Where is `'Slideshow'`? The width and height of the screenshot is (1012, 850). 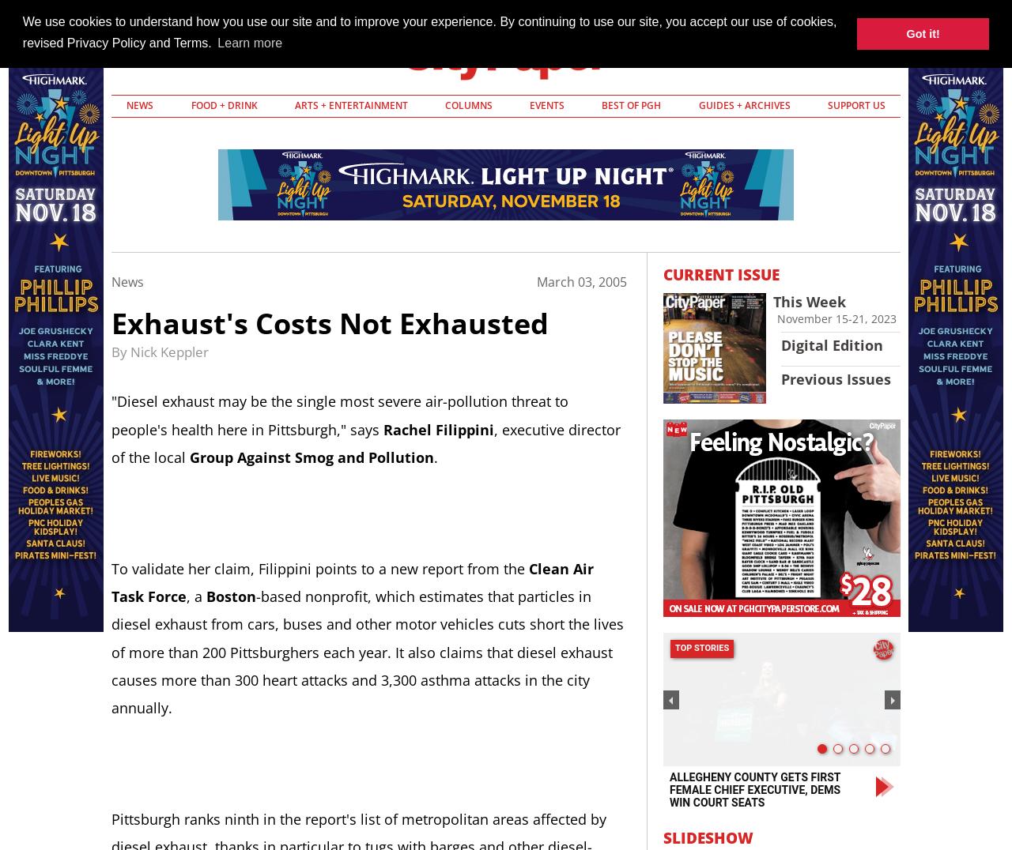
'Slideshow' is located at coordinates (708, 837).